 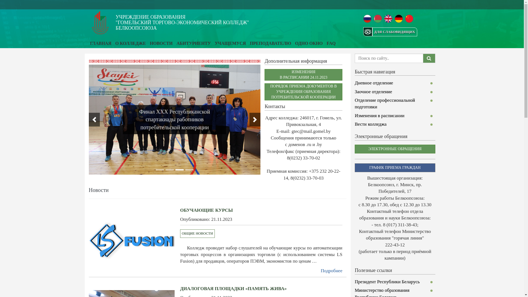 I want to click on 'FAQ', so click(x=327, y=43).